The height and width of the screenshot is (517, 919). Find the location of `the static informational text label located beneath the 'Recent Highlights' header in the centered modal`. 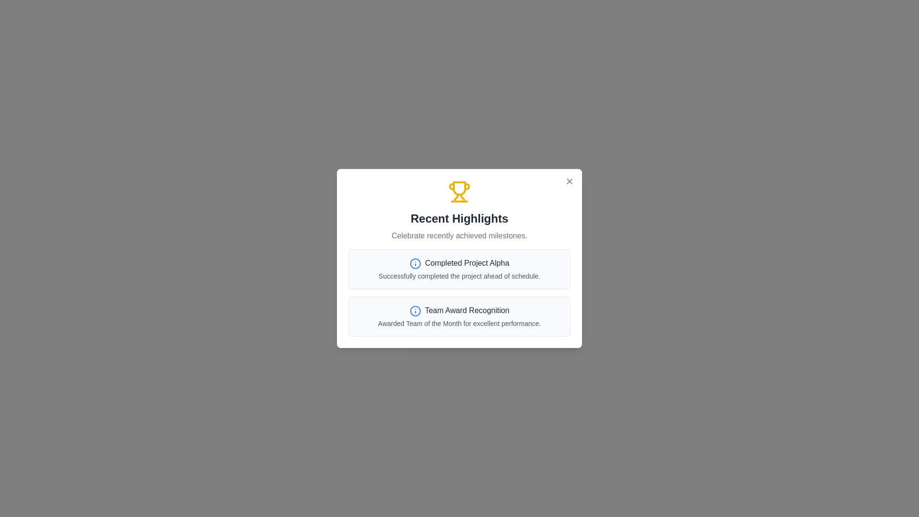

the static informational text label located beneath the 'Recent Highlights' header in the centered modal is located at coordinates (459, 236).